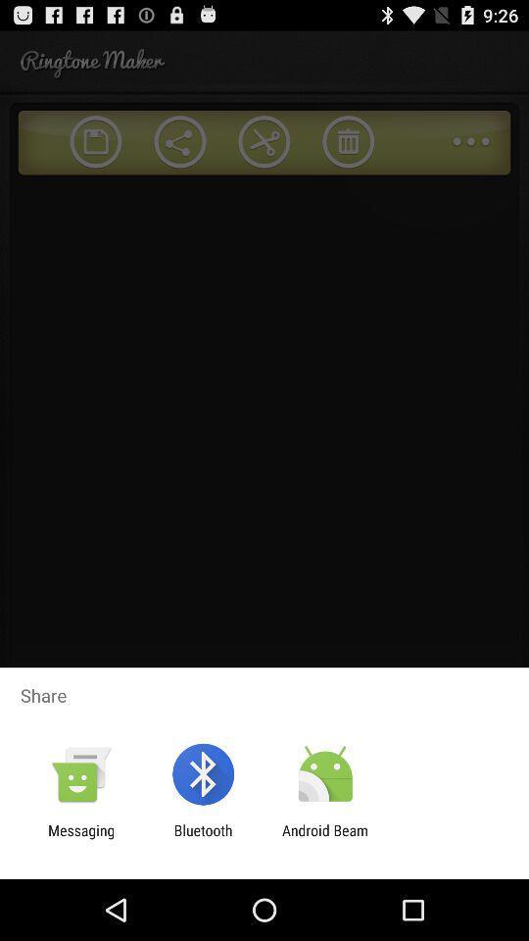  I want to click on app next to the bluetooth icon, so click(80, 838).